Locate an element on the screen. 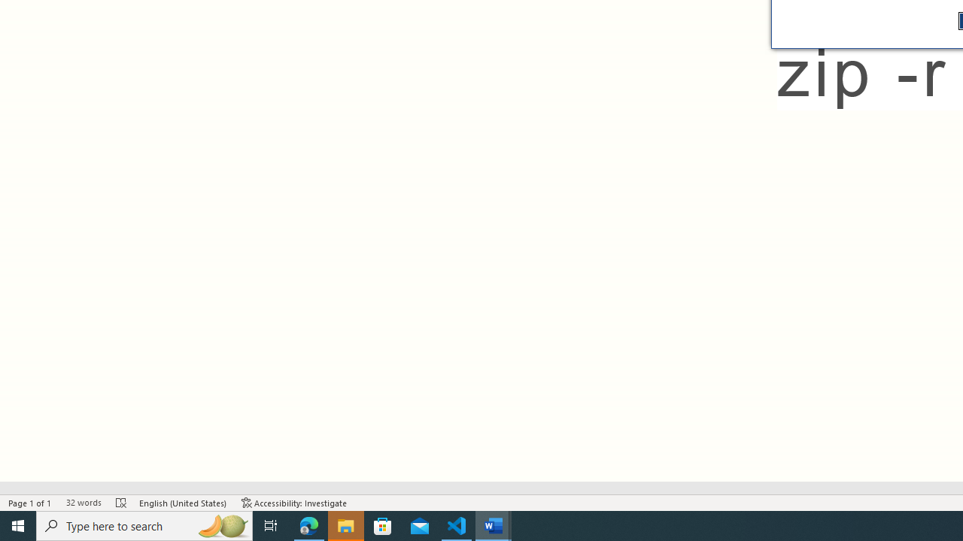 The width and height of the screenshot is (963, 541). 'Search highlights icon opens search home window' is located at coordinates (221, 524).